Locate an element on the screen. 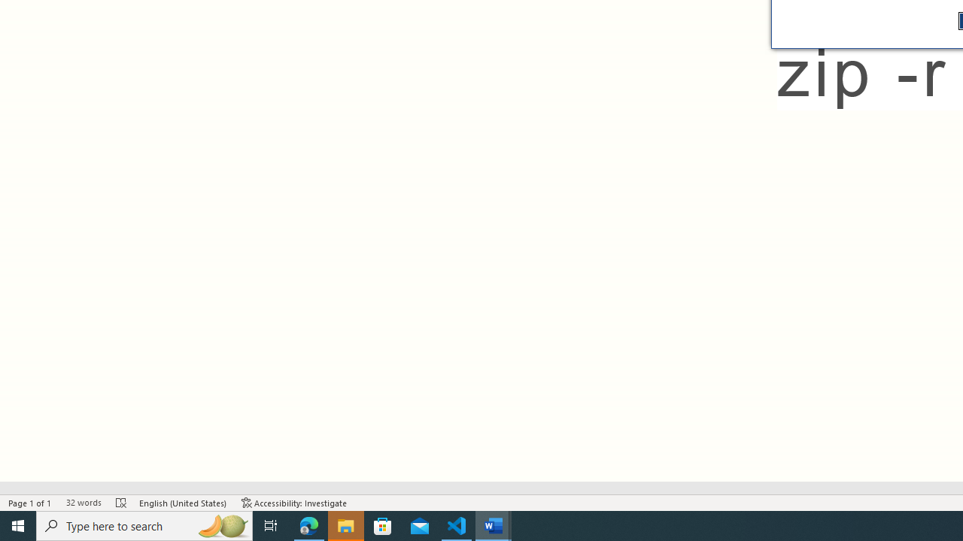 The width and height of the screenshot is (963, 541). 'Search highlights icon opens search home window' is located at coordinates (221, 524).